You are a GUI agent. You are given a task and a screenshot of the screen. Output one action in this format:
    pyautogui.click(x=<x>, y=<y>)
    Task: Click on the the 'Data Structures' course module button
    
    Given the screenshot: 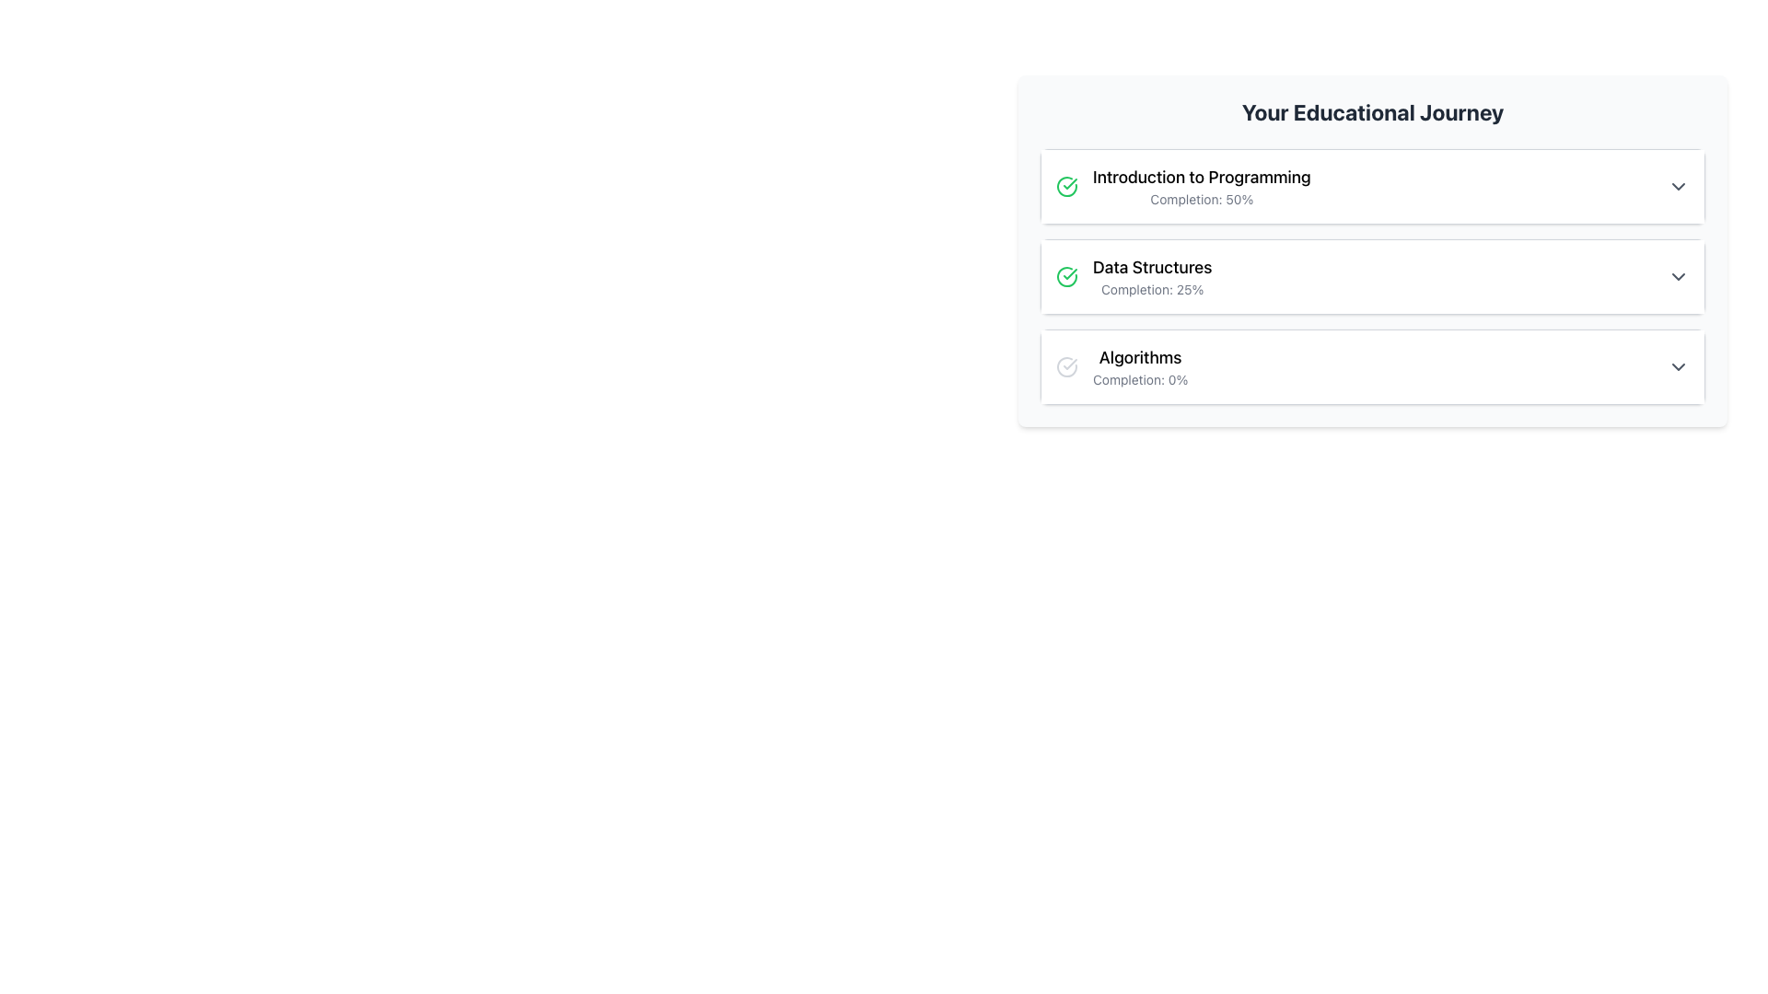 What is the action you would take?
    pyautogui.click(x=1373, y=276)
    